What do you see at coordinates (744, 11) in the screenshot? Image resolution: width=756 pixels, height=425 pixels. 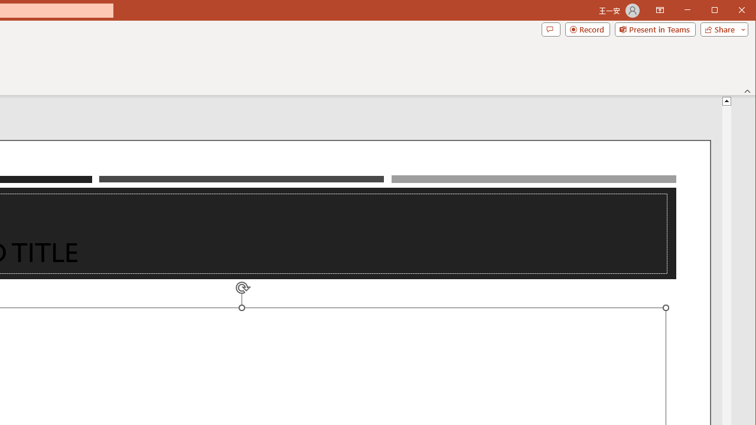 I see `'Close'` at bounding box center [744, 11].